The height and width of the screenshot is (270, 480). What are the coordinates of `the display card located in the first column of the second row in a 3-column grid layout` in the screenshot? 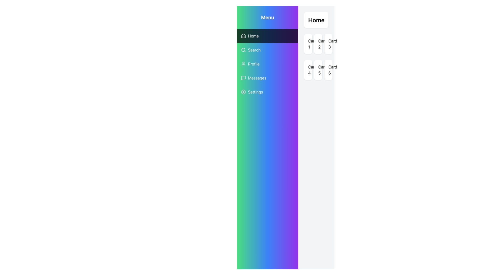 It's located at (308, 70).